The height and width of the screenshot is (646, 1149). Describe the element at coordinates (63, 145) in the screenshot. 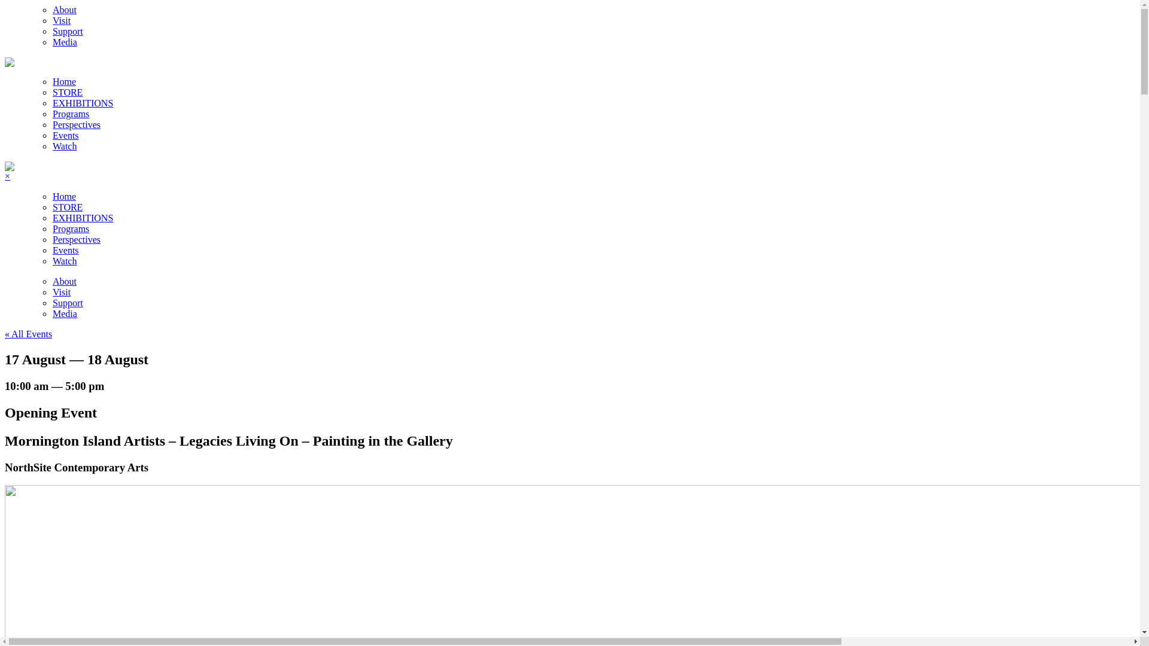

I see `'Watch'` at that location.